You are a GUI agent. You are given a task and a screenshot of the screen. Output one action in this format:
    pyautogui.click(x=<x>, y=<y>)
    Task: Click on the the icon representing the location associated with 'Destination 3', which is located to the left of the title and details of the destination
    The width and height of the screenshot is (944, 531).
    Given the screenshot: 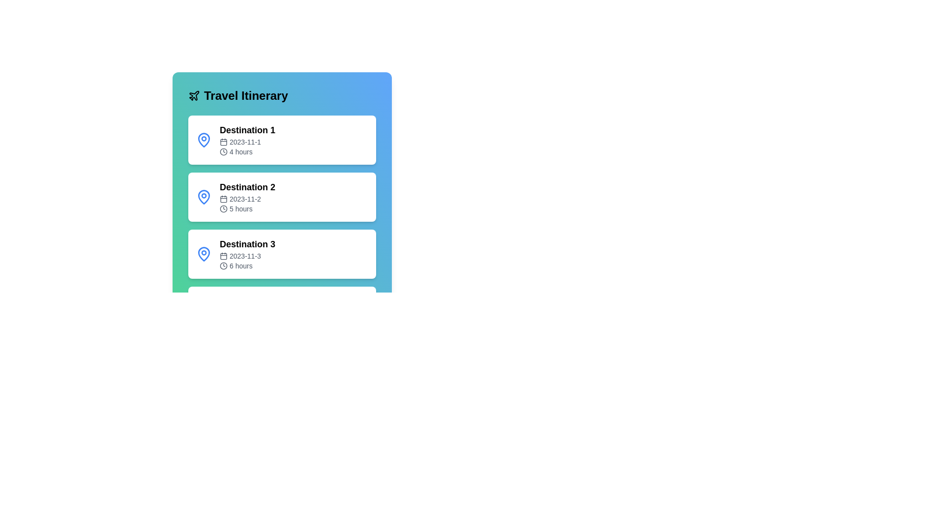 What is the action you would take?
    pyautogui.click(x=203, y=253)
    